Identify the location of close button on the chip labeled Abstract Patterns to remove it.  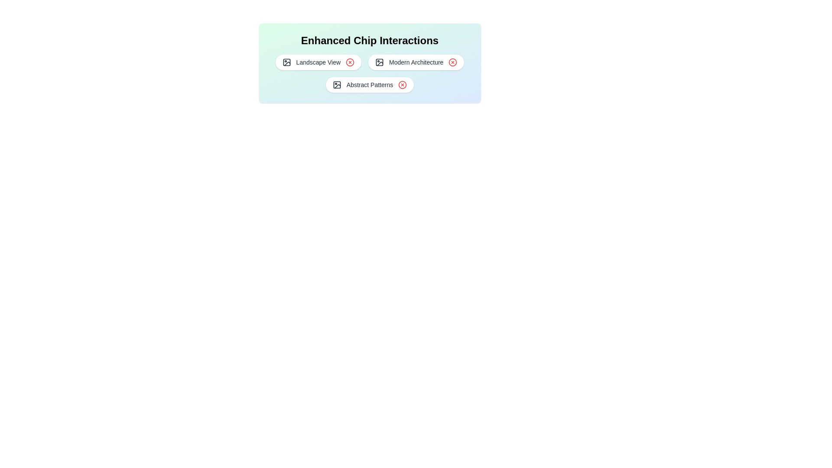
(402, 85).